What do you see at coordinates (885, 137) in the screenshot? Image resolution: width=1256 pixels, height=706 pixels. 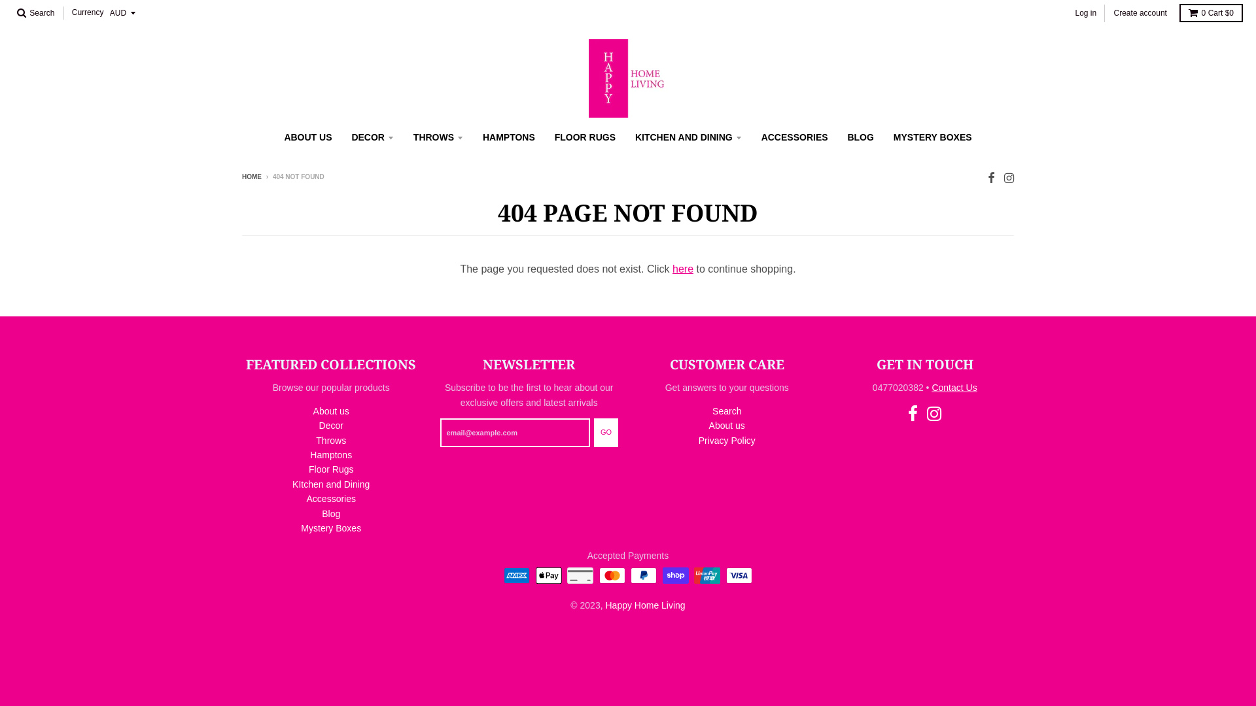 I see `'MYSTERY BOXES'` at bounding box center [885, 137].